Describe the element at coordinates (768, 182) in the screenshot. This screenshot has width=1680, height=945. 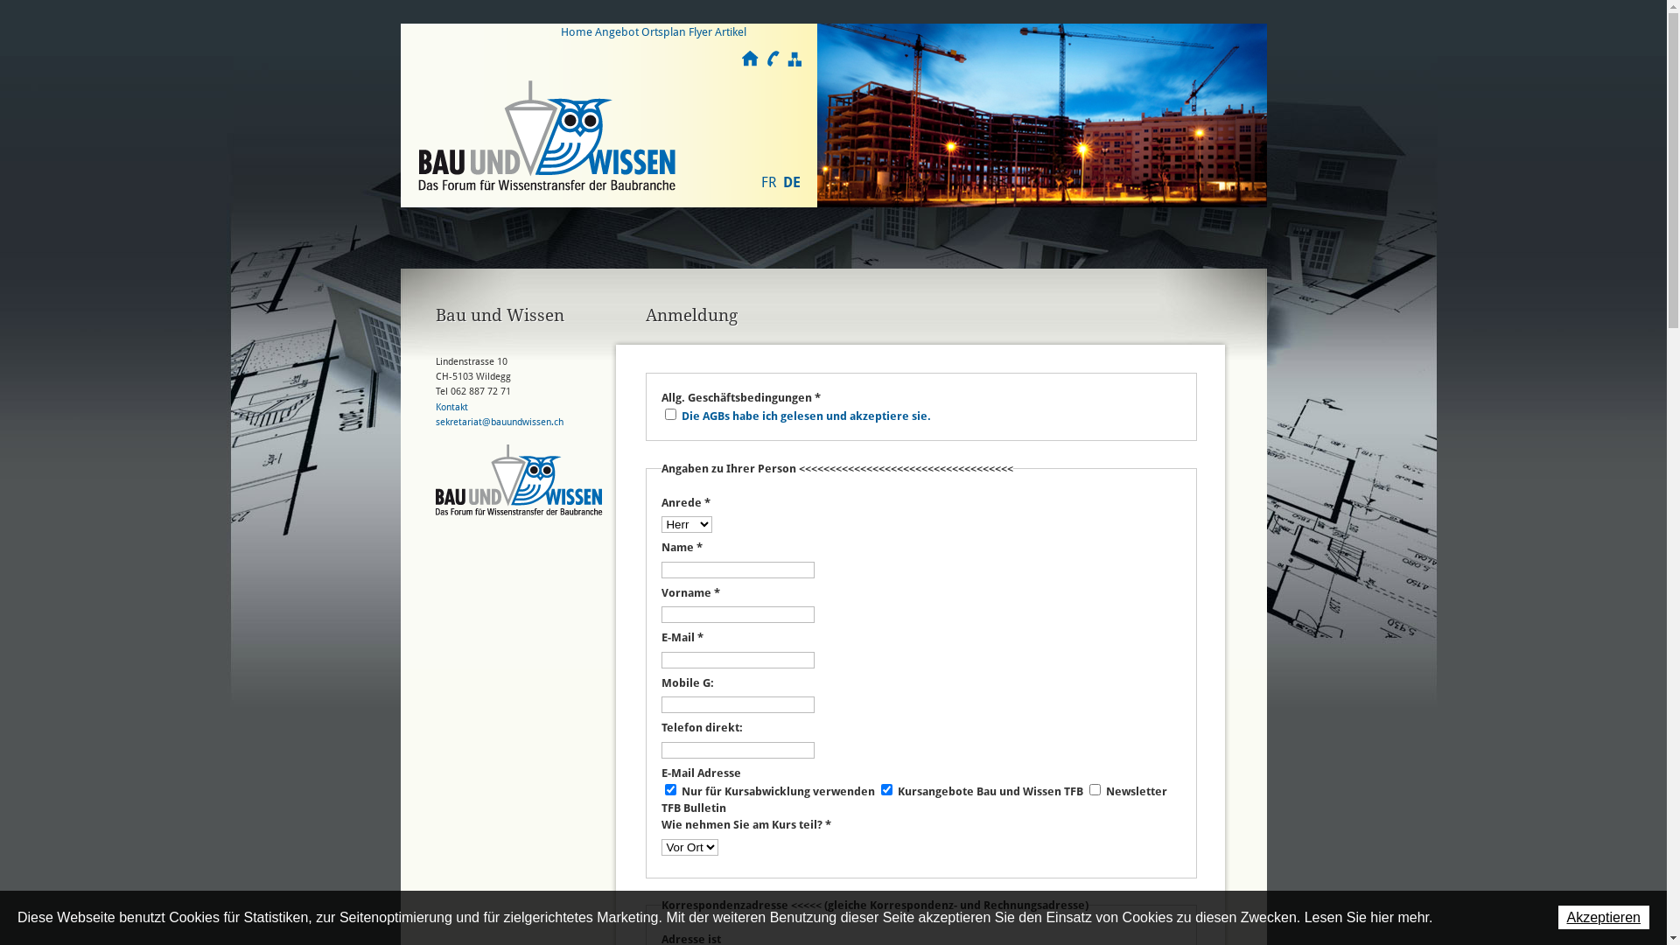
I see `'FR'` at that location.